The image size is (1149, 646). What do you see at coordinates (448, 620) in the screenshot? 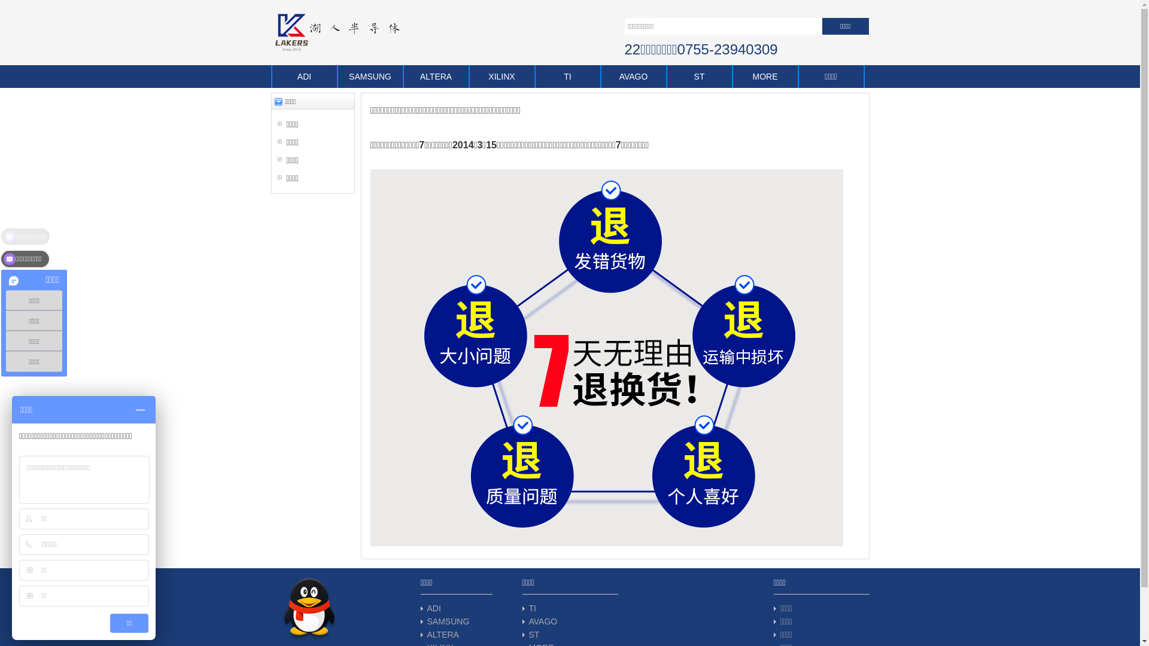
I see `'SAMSUNG'` at bounding box center [448, 620].